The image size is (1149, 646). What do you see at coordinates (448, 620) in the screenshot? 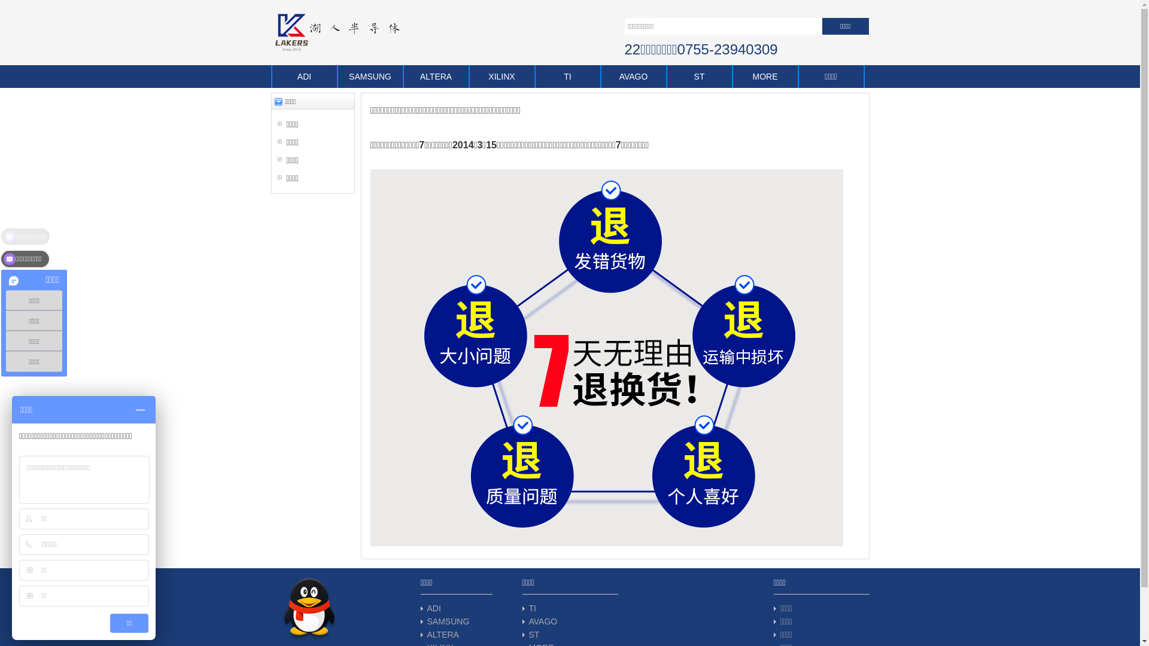
I see `'SAMSUNG'` at bounding box center [448, 620].